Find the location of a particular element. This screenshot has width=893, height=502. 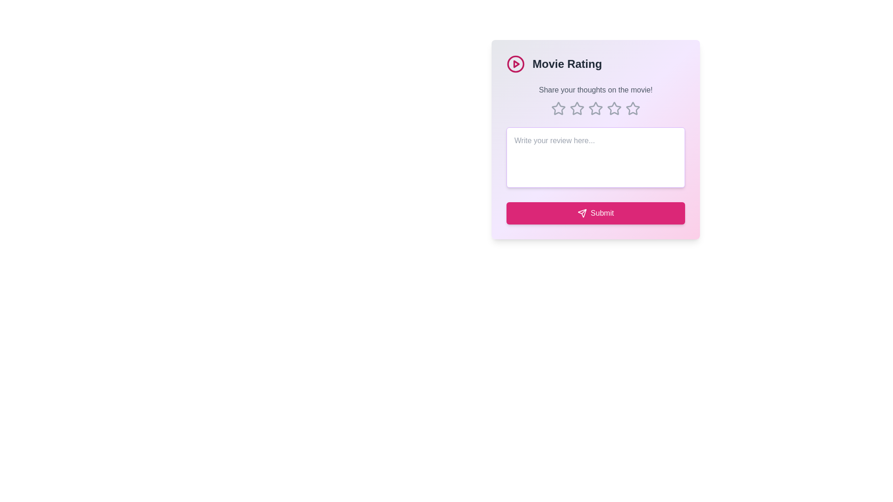

the fifth star icon used for rating in the 'Movie Rating' section is located at coordinates (632, 107).